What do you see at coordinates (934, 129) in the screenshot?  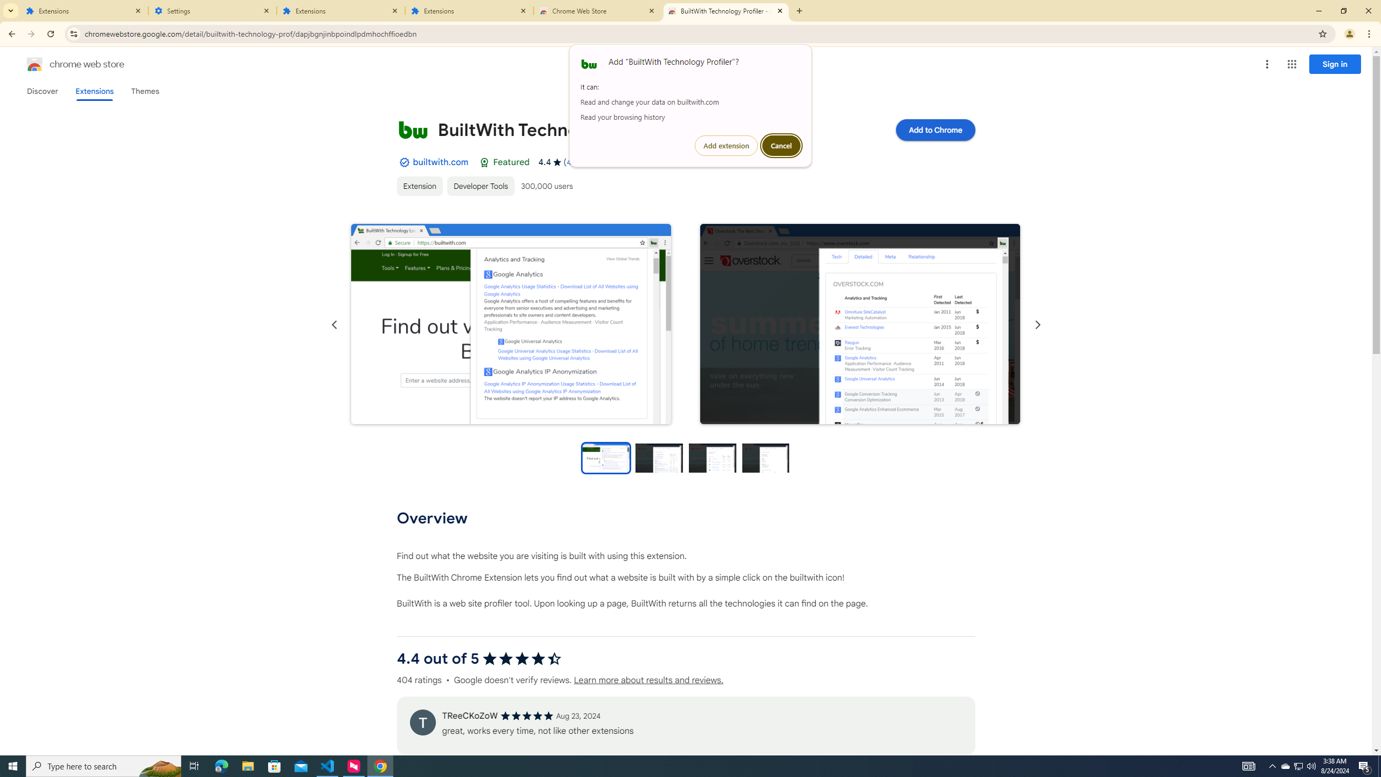 I see `'Add to Chrome'` at bounding box center [934, 129].